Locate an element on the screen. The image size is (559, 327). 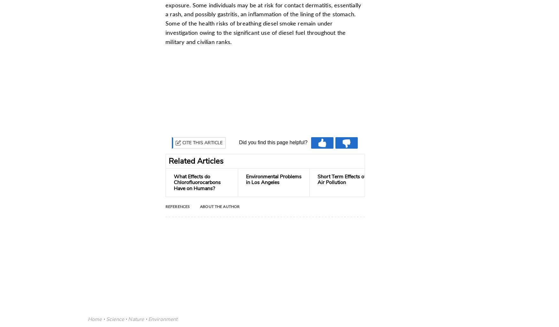
'Effects of Hydrocarbons on the Environment' is located at coordinates (416, 180).